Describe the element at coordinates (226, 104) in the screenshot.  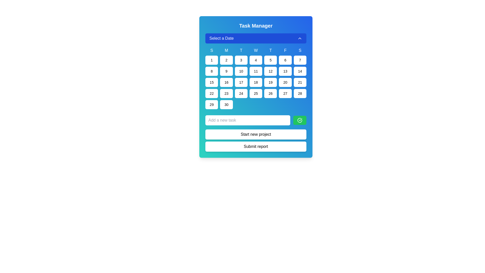
I see `the button representing the 30th day of the month in the date selection interface` at that location.